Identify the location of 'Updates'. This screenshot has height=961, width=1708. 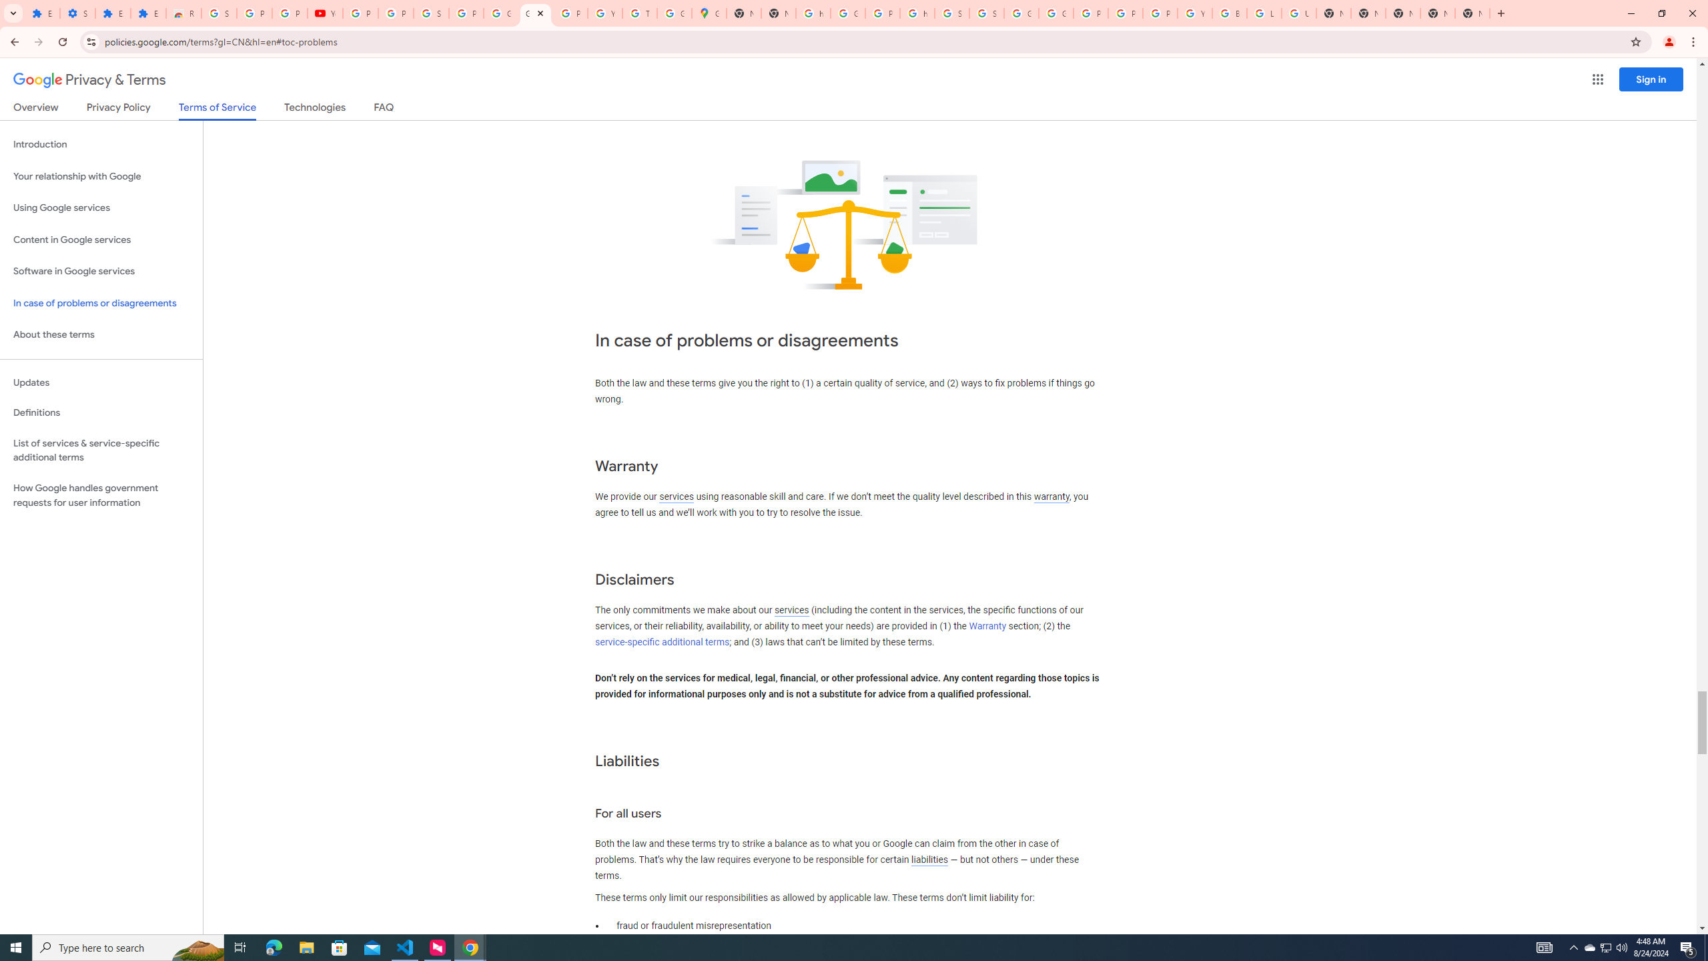
(101, 382).